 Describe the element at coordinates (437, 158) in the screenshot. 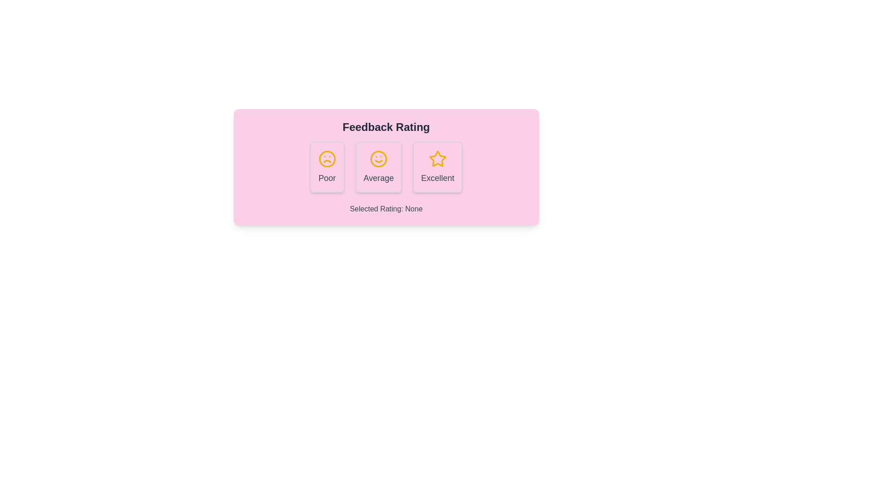

I see `the associated rating level by interacting with the third icon from the left, which symbolizes the 'Excellent' rating in the feedback system` at that location.